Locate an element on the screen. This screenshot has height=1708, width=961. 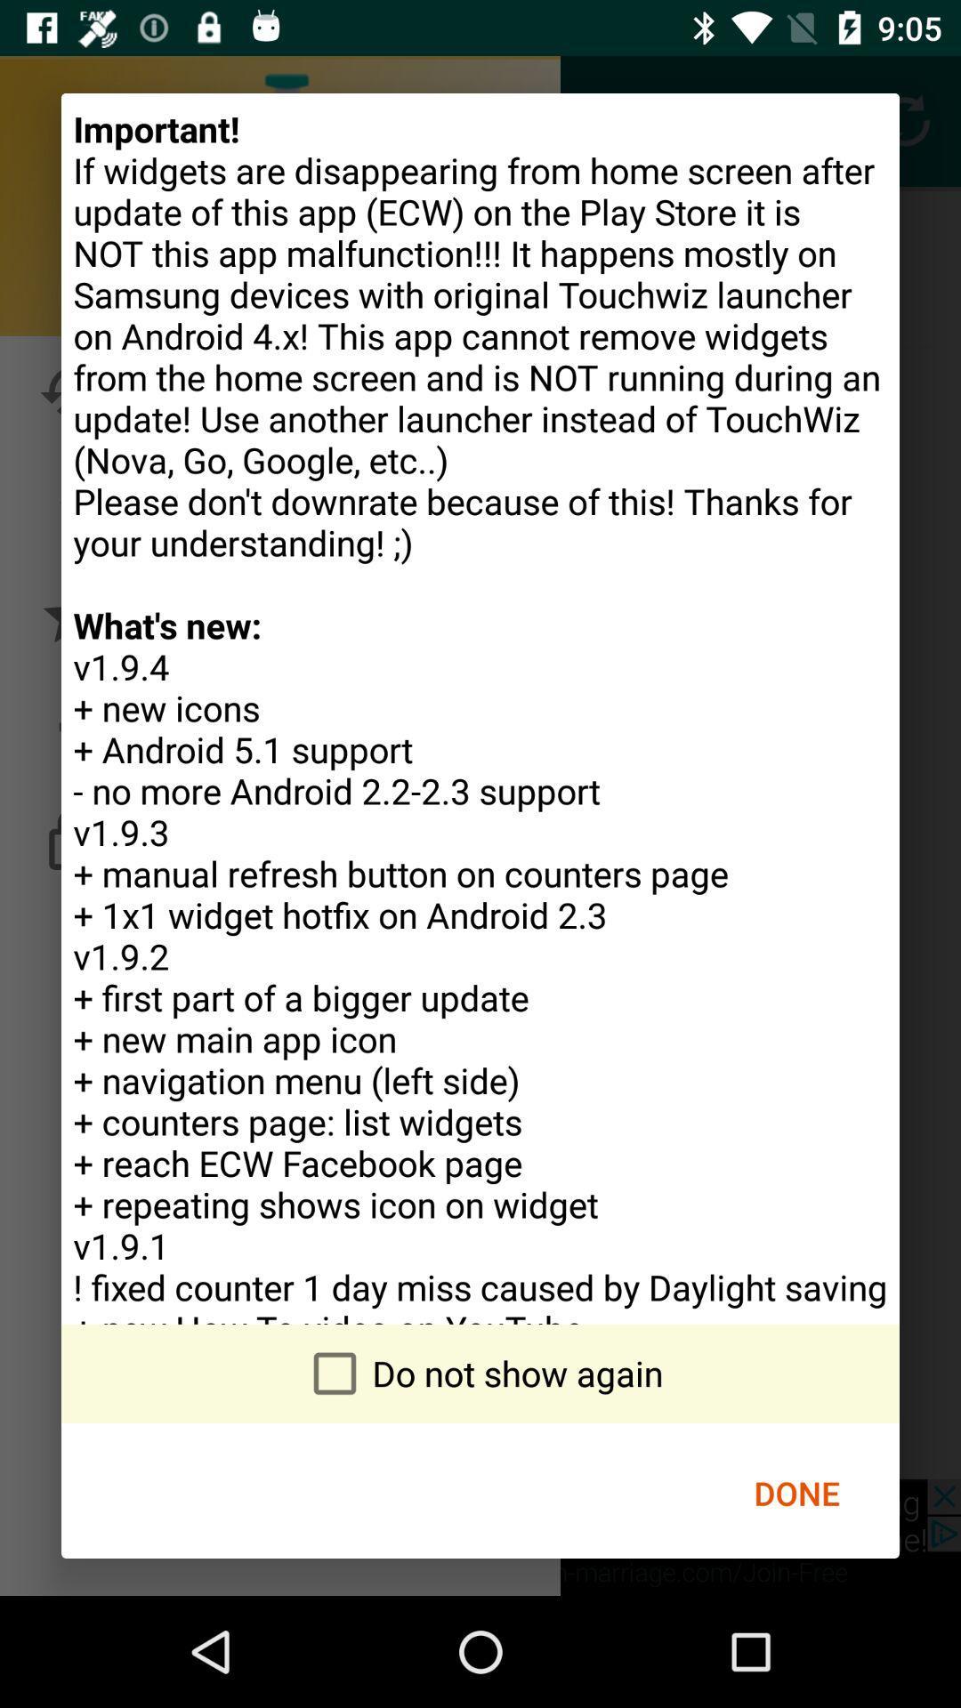
the item below the important if widgets item is located at coordinates (795, 1493).